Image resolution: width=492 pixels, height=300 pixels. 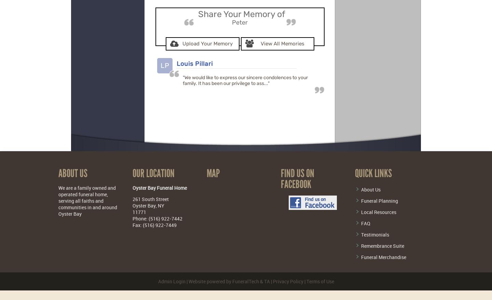 I want to click on '261 South Street', so click(x=151, y=198).